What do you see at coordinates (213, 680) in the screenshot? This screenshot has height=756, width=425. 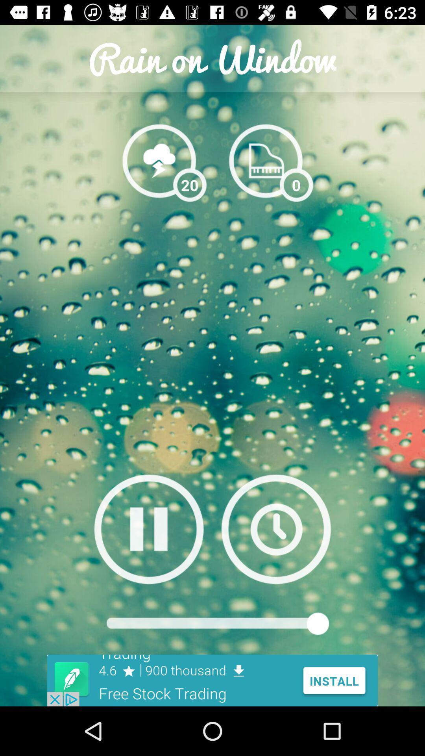 I see `advertisement banner` at bounding box center [213, 680].